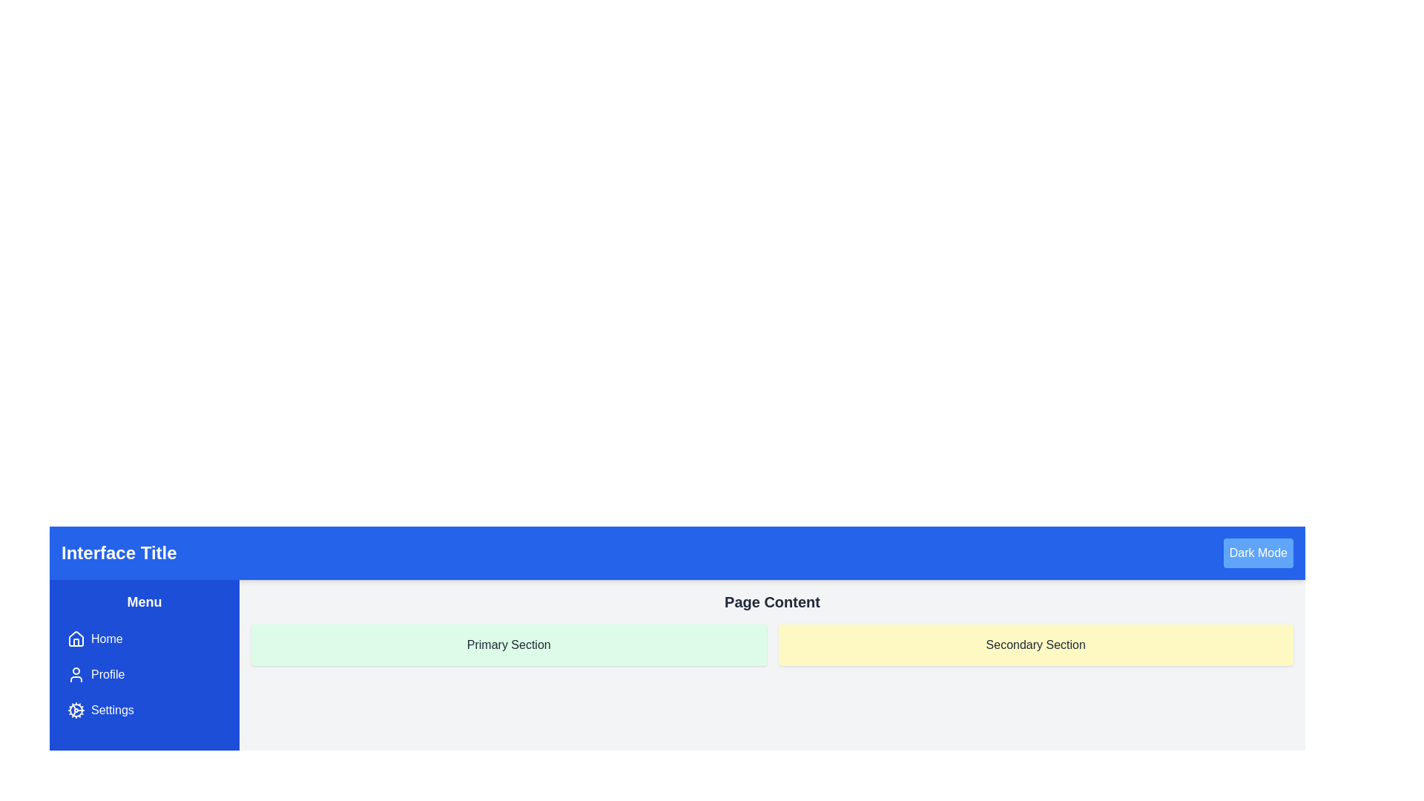  What do you see at coordinates (99, 709) in the screenshot?
I see `the 'Settings' button located in the vertical left-side menu panel, which is the third item below 'Profile'` at bounding box center [99, 709].